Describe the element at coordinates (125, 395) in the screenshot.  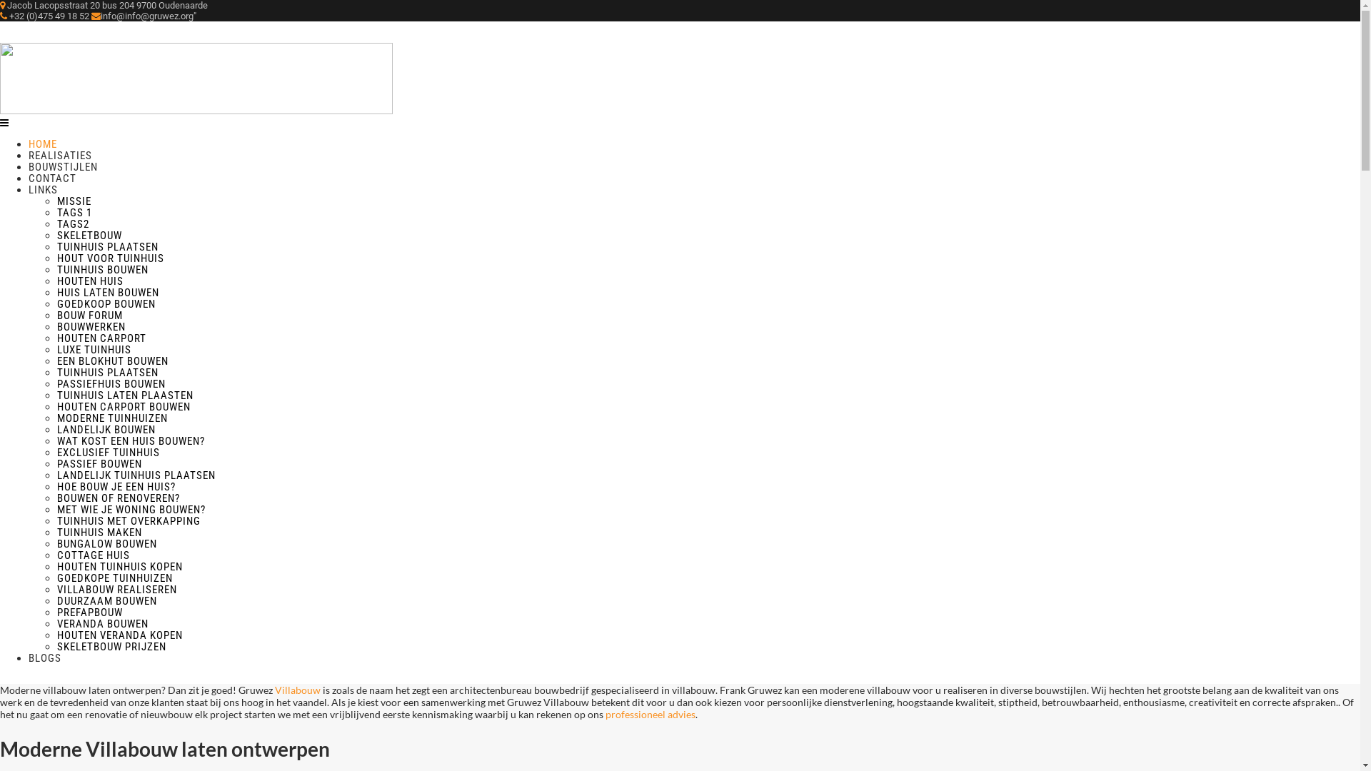
I see `'TUINHUIS LATEN PLAASTEN'` at that location.